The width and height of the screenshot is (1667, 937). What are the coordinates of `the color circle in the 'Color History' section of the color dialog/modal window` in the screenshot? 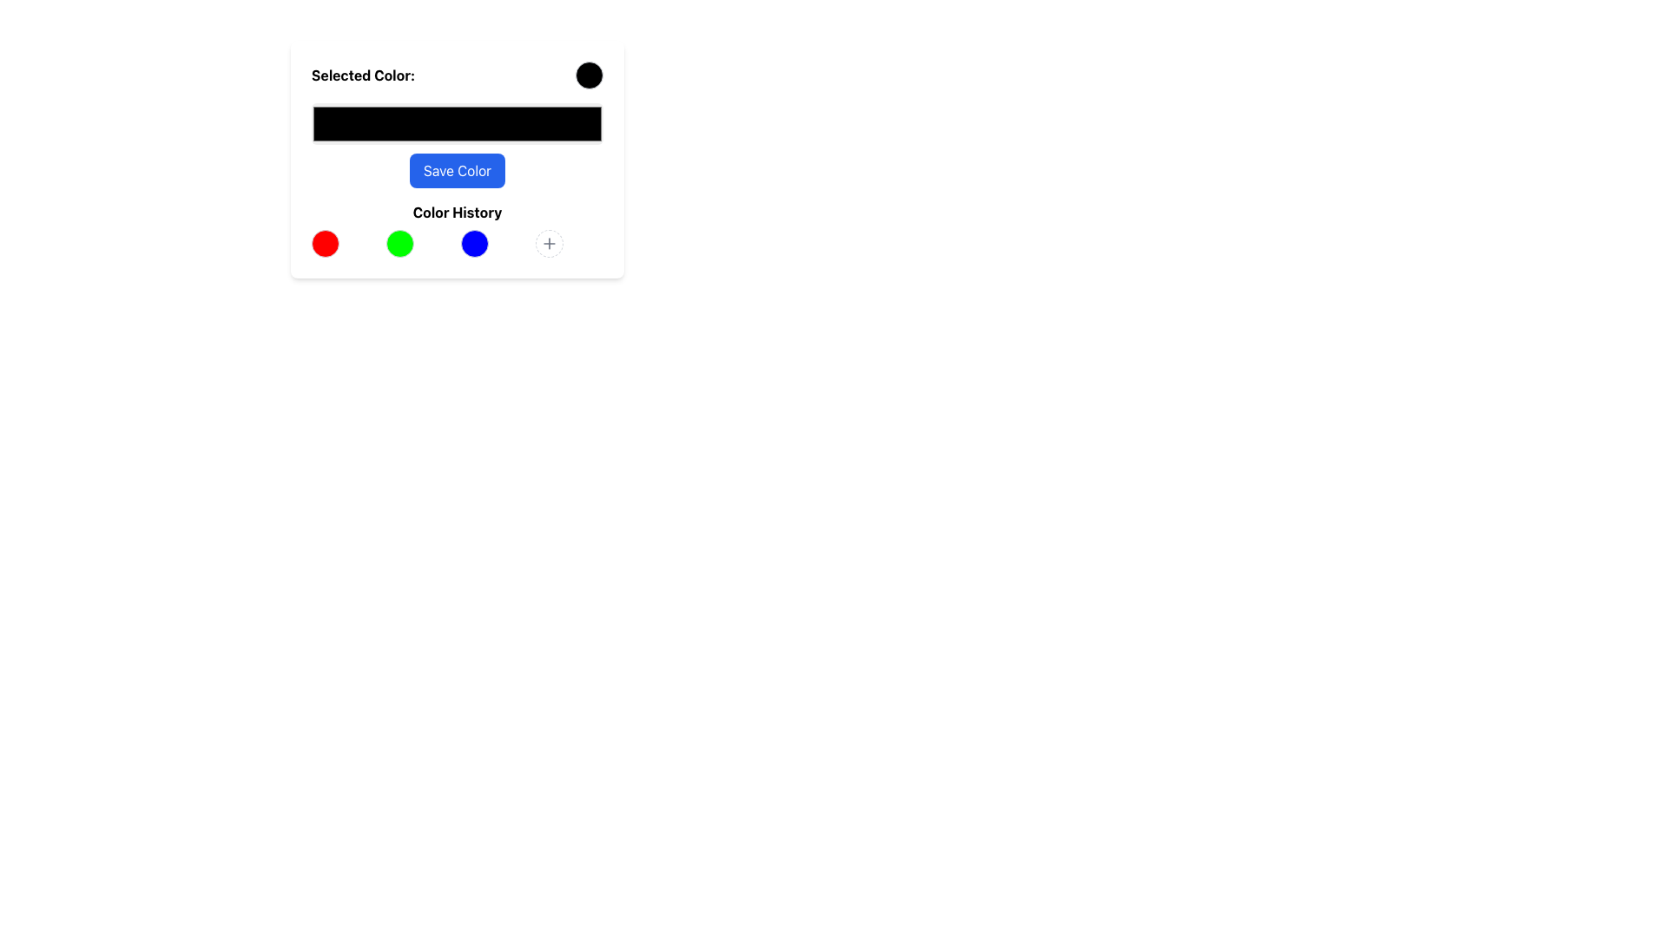 It's located at (559, 226).